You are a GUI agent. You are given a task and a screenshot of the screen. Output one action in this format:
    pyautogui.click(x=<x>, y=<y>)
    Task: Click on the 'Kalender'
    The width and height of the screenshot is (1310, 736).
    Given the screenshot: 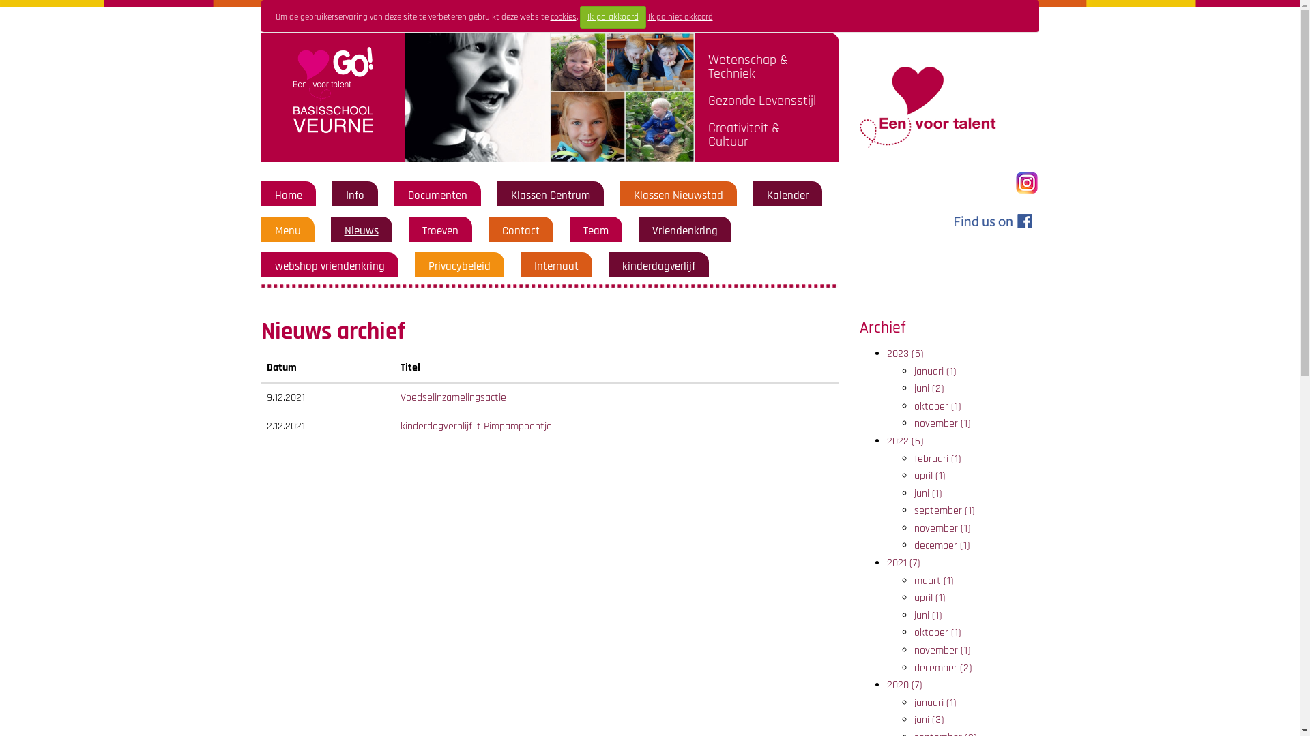 What is the action you would take?
    pyautogui.click(x=787, y=195)
    